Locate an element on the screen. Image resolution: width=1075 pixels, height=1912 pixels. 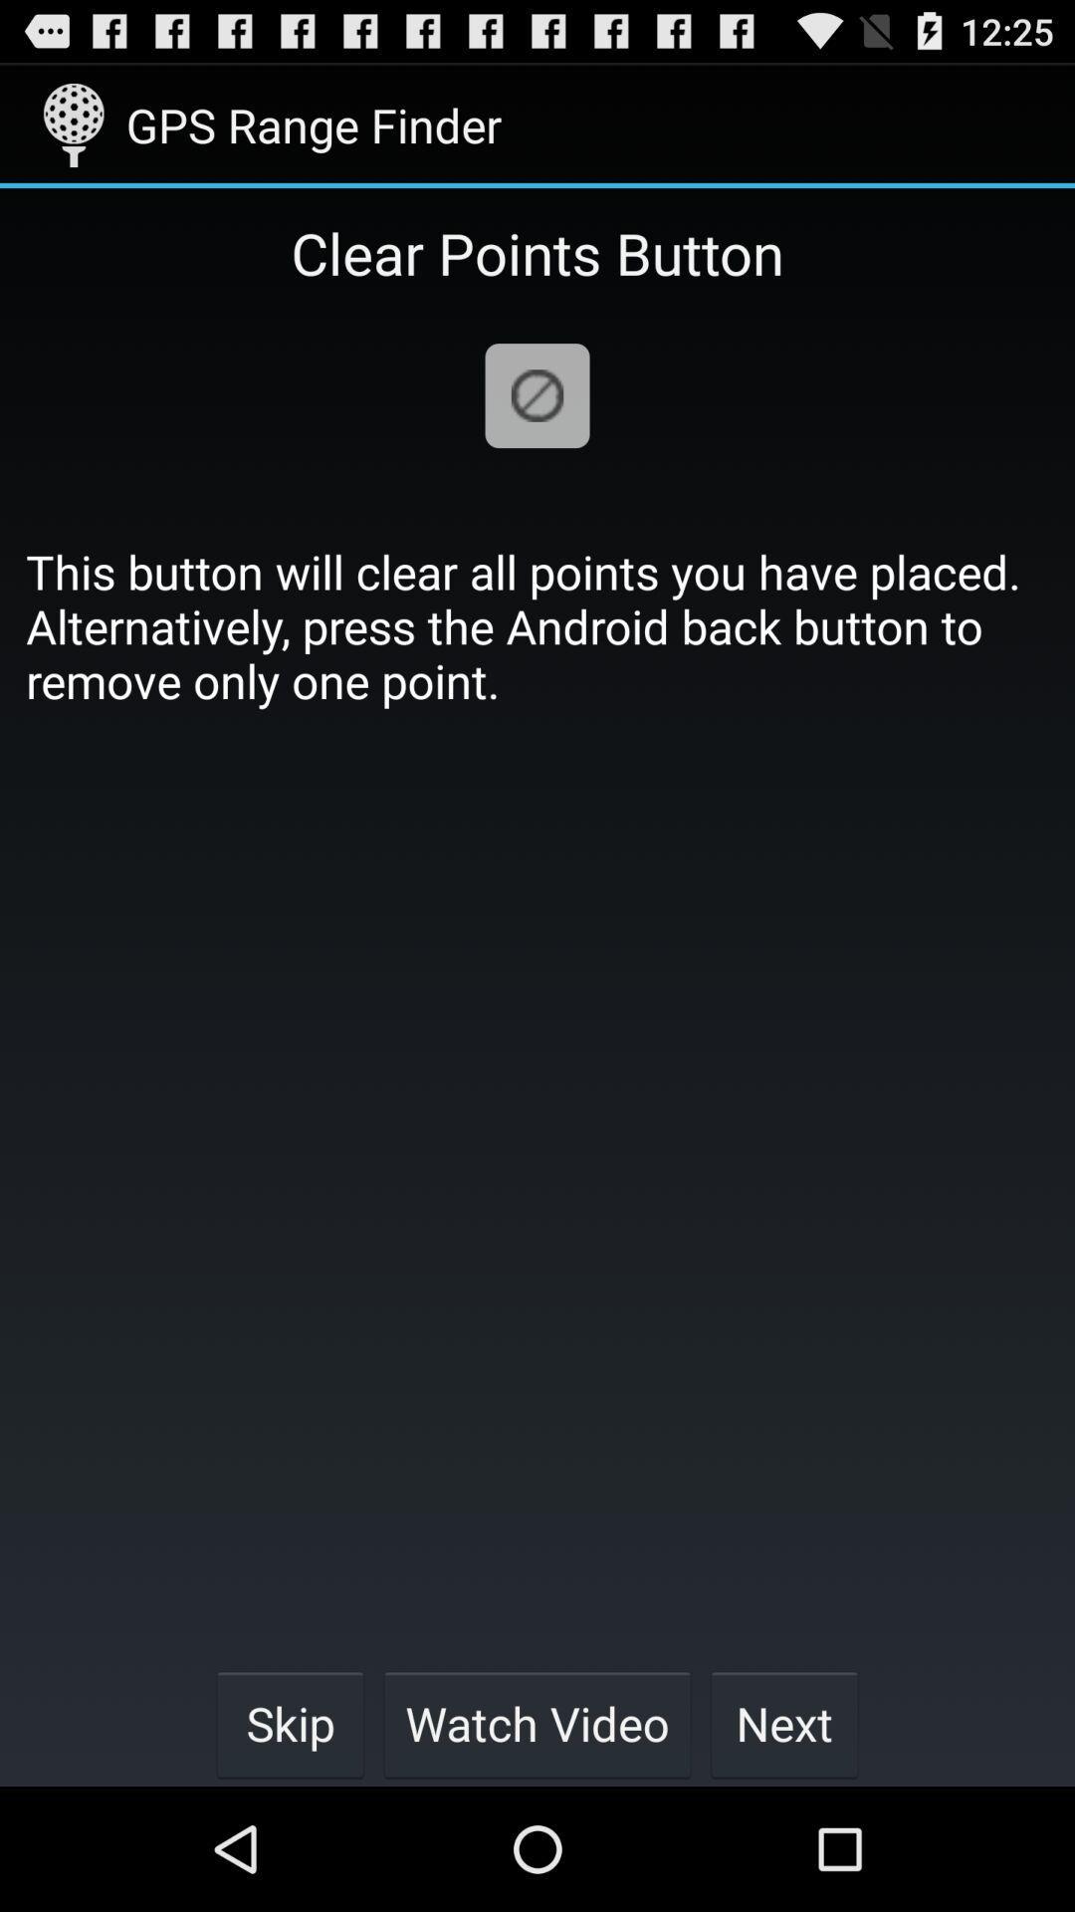
app below this button will app is located at coordinates (537, 1723).